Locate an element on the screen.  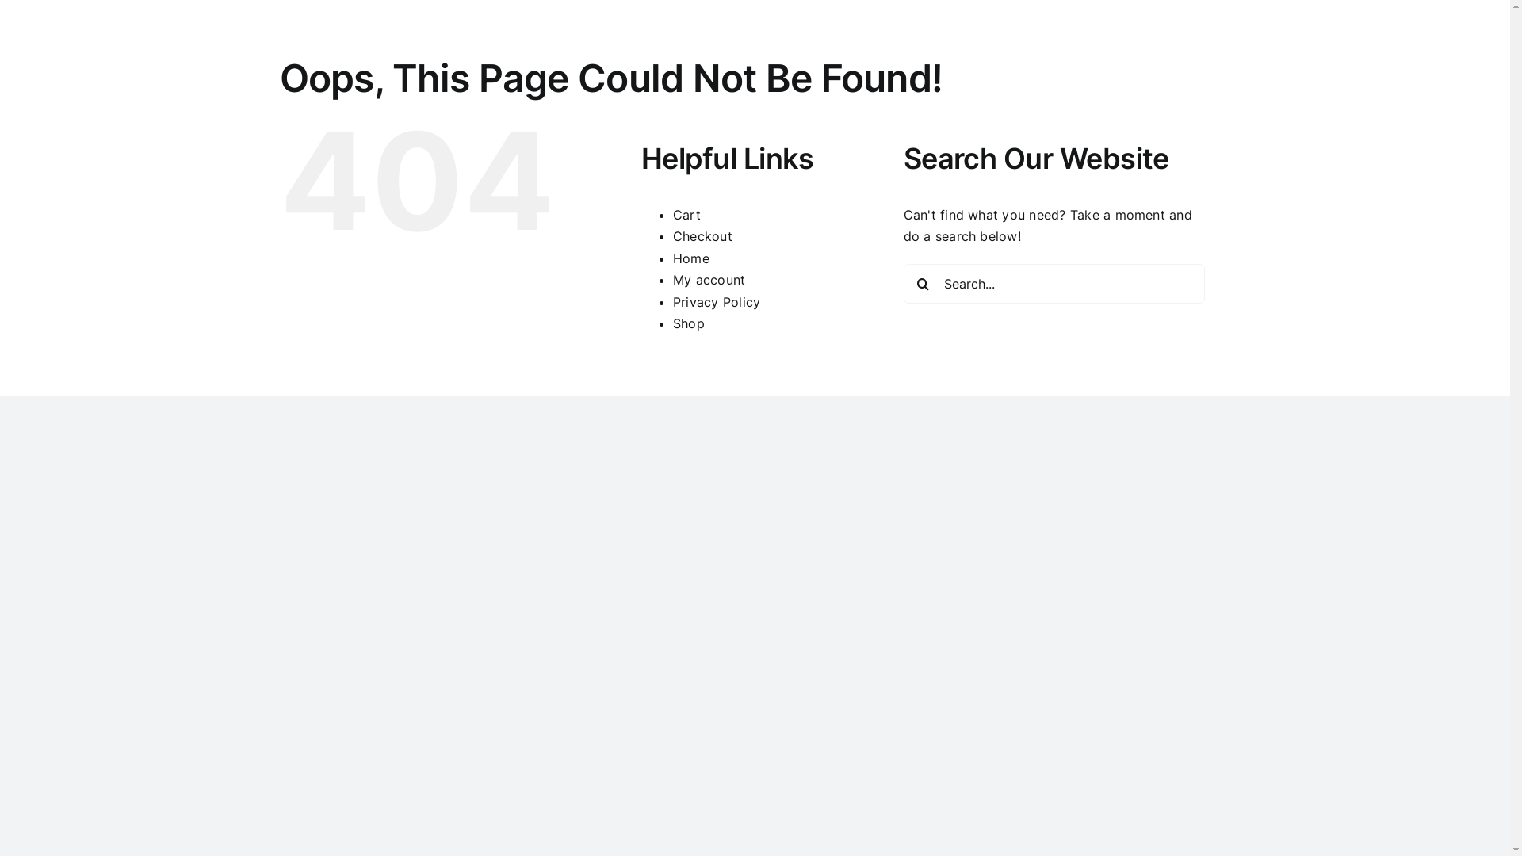
'Privacy Policy' is located at coordinates (715, 302).